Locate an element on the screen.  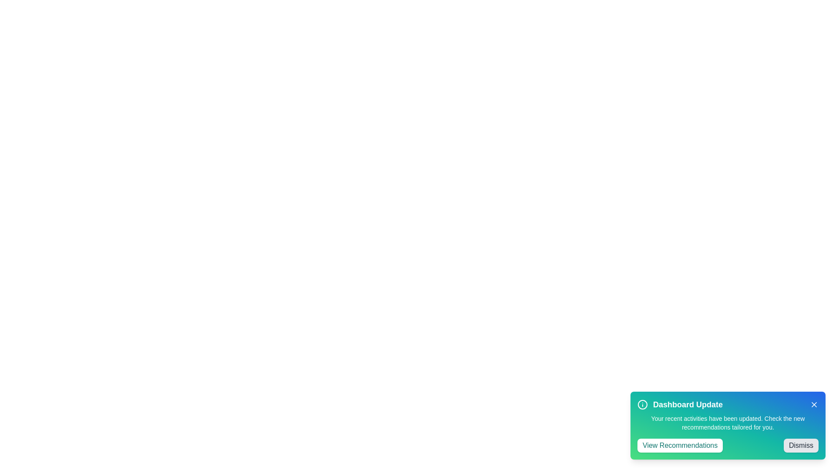
the close button to dismiss the alert is located at coordinates (814, 404).